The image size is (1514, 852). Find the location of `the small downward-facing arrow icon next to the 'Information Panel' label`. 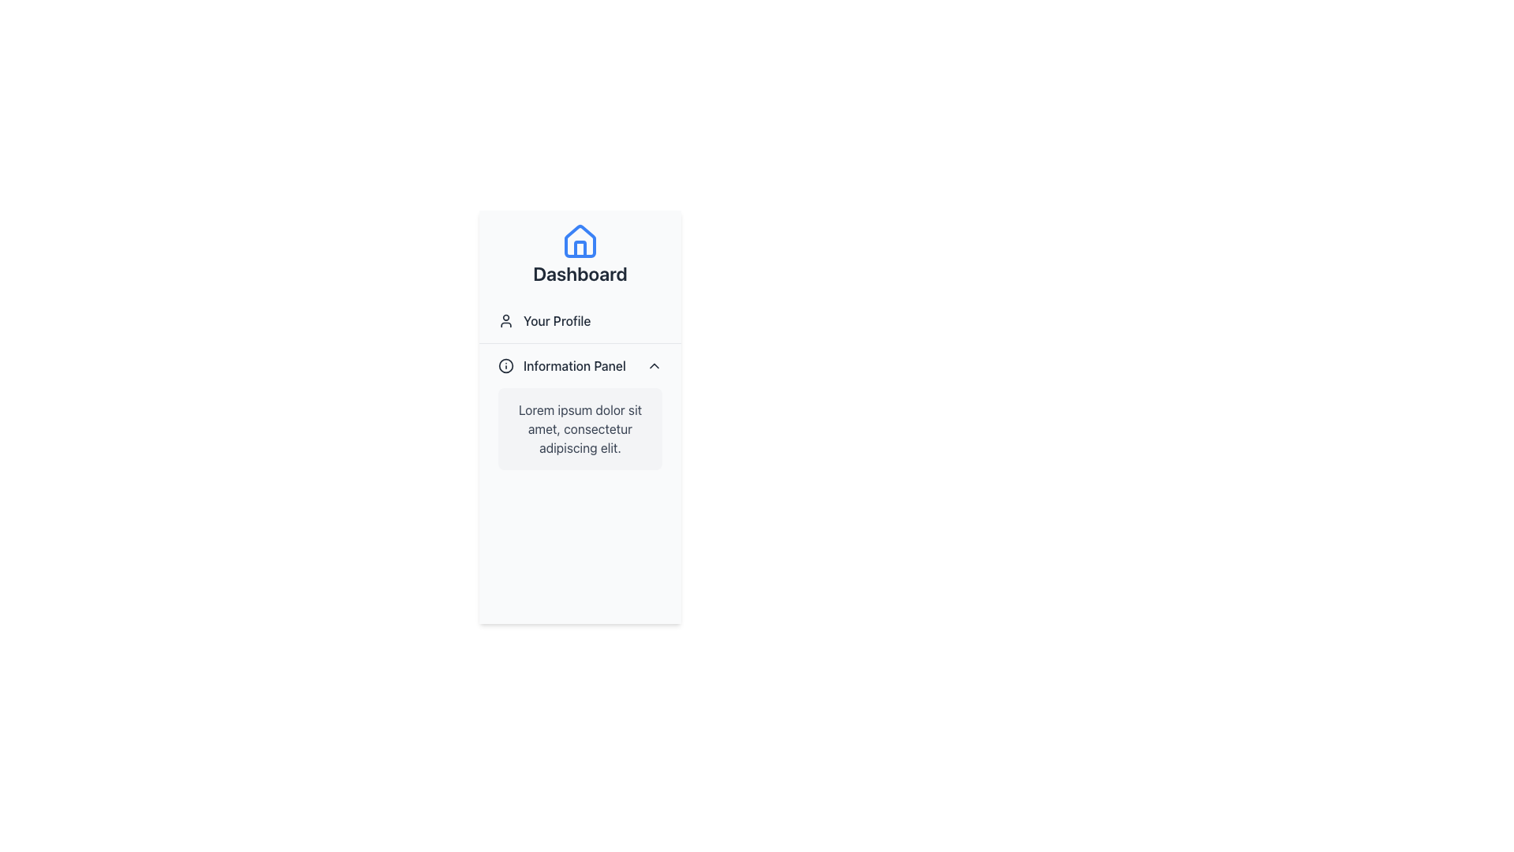

the small downward-facing arrow icon next to the 'Information Panel' label is located at coordinates (654, 365).